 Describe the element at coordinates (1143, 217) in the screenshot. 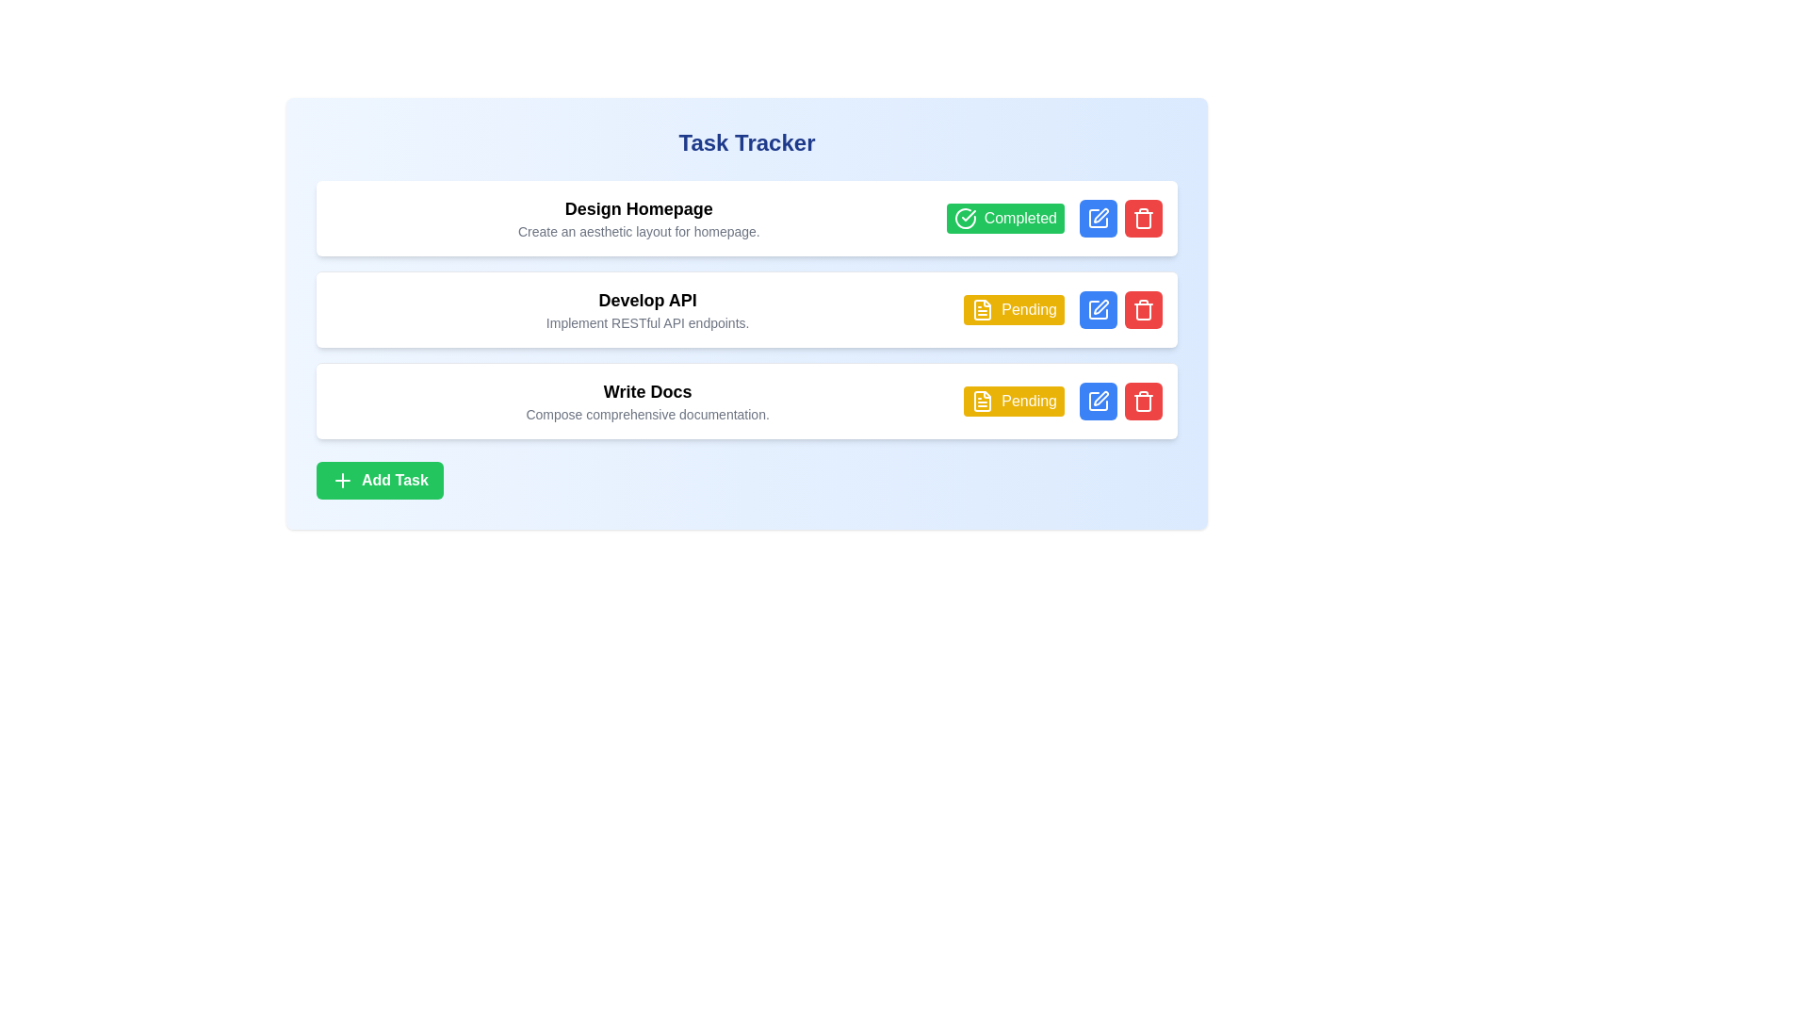

I see `the delete button icon for the 'Design Homepage' task in the 'Task Tracker' application` at that location.